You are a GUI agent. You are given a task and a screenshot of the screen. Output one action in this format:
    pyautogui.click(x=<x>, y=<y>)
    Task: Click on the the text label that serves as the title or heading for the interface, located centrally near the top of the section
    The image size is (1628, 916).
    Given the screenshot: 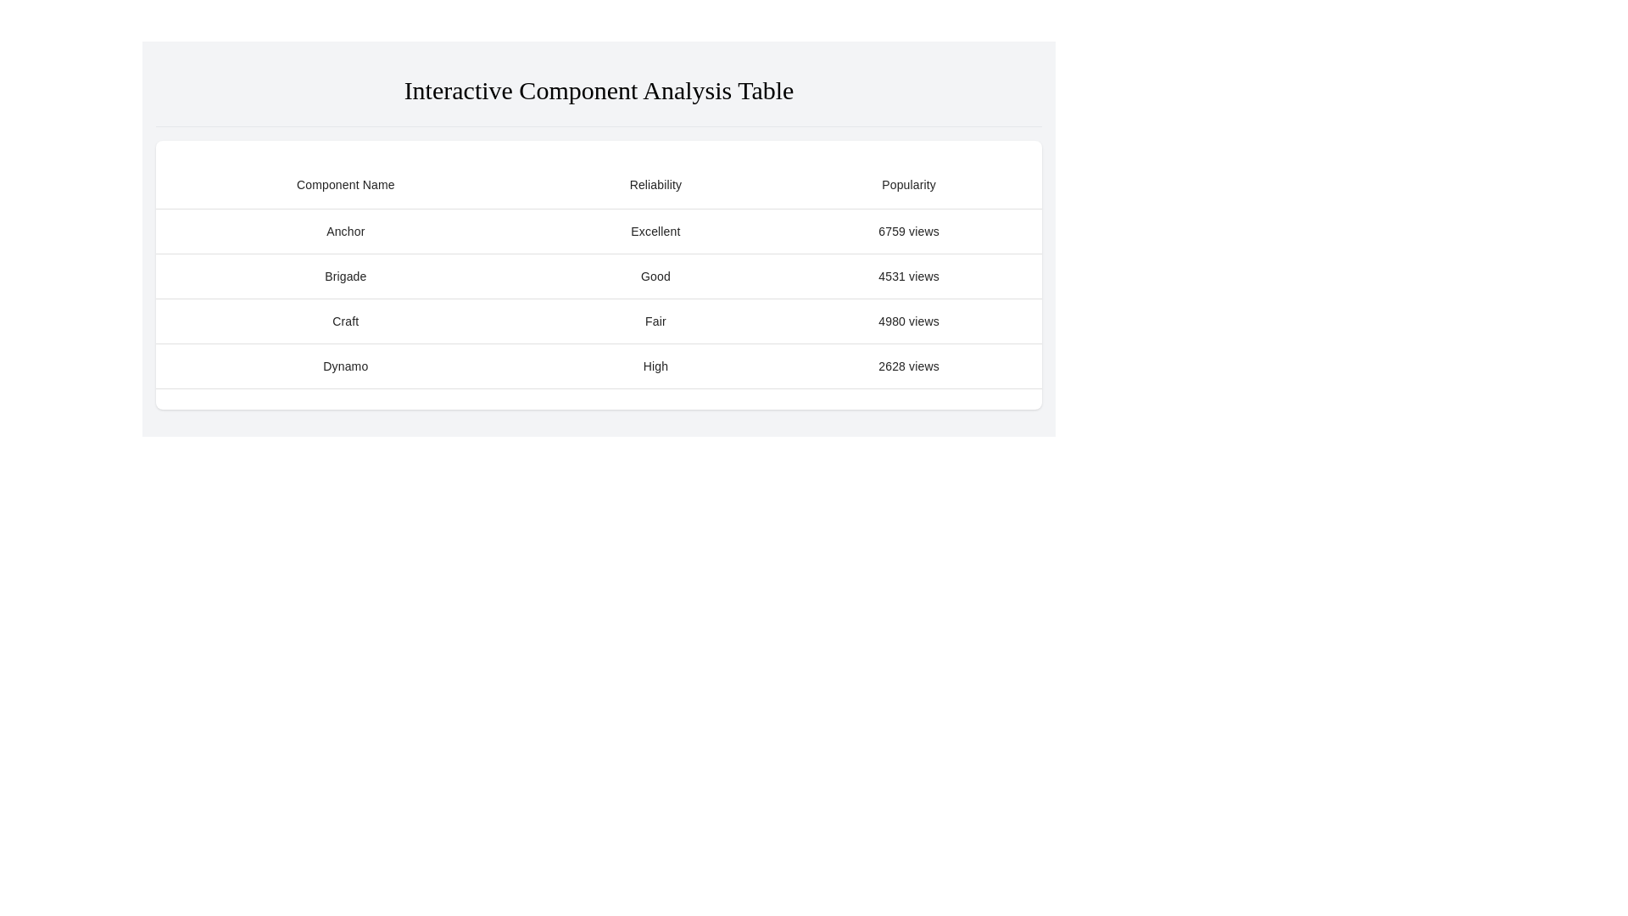 What is the action you would take?
    pyautogui.click(x=599, y=91)
    